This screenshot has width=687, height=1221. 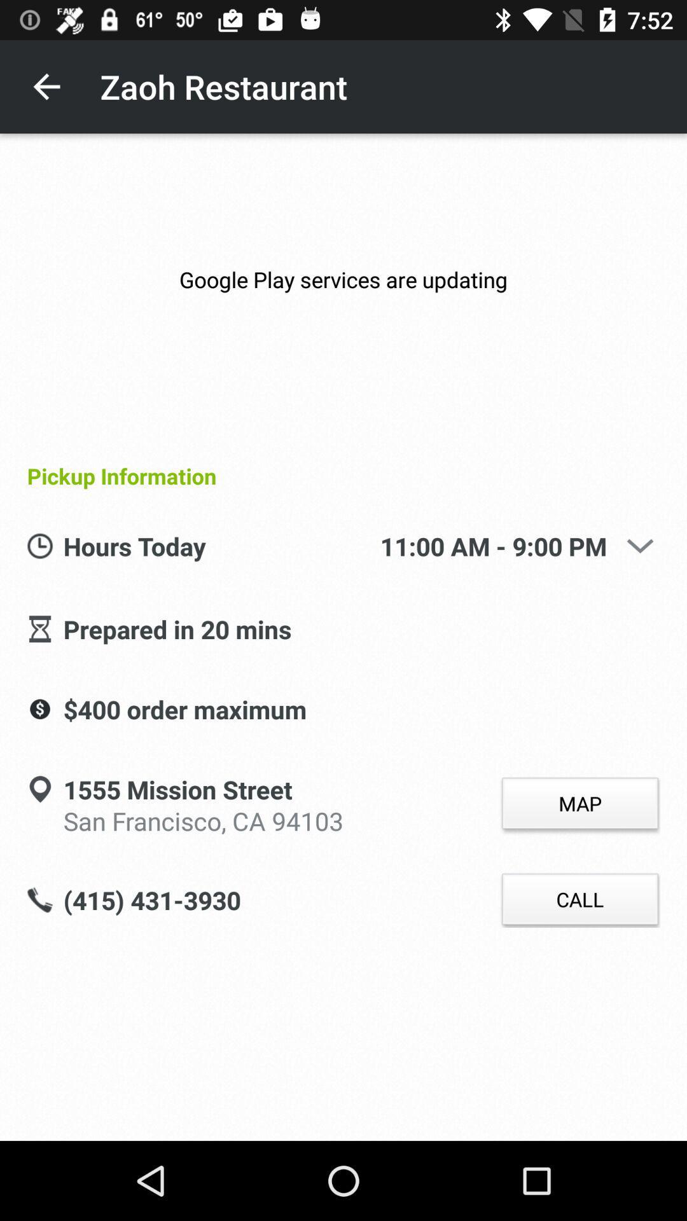 What do you see at coordinates (579, 899) in the screenshot?
I see `the icon to the right of (415) 431-3930 item` at bounding box center [579, 899].